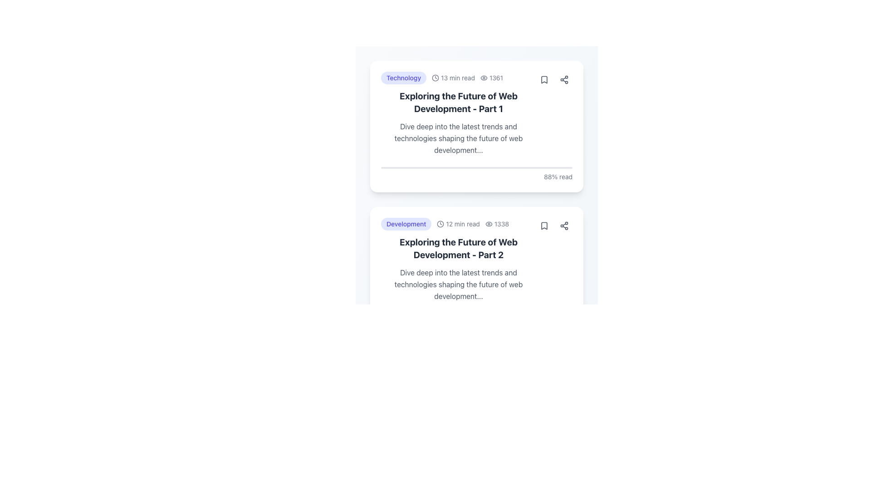 The width and height of the screenshot is (871, 490). I want to click on the pill-shaped badge labeled 'Development' with a light purple background and blue text, positioned at the upper-left of the article card 'Exploring the Future of Web Development - Part 2', so click(406, 224).